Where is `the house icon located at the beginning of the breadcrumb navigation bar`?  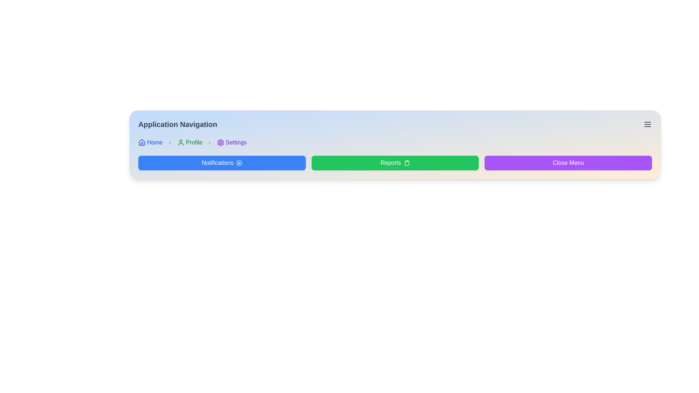
the house icon located at the beginning of the breadcrumb navigation bar is located at coordinates (142, 143).